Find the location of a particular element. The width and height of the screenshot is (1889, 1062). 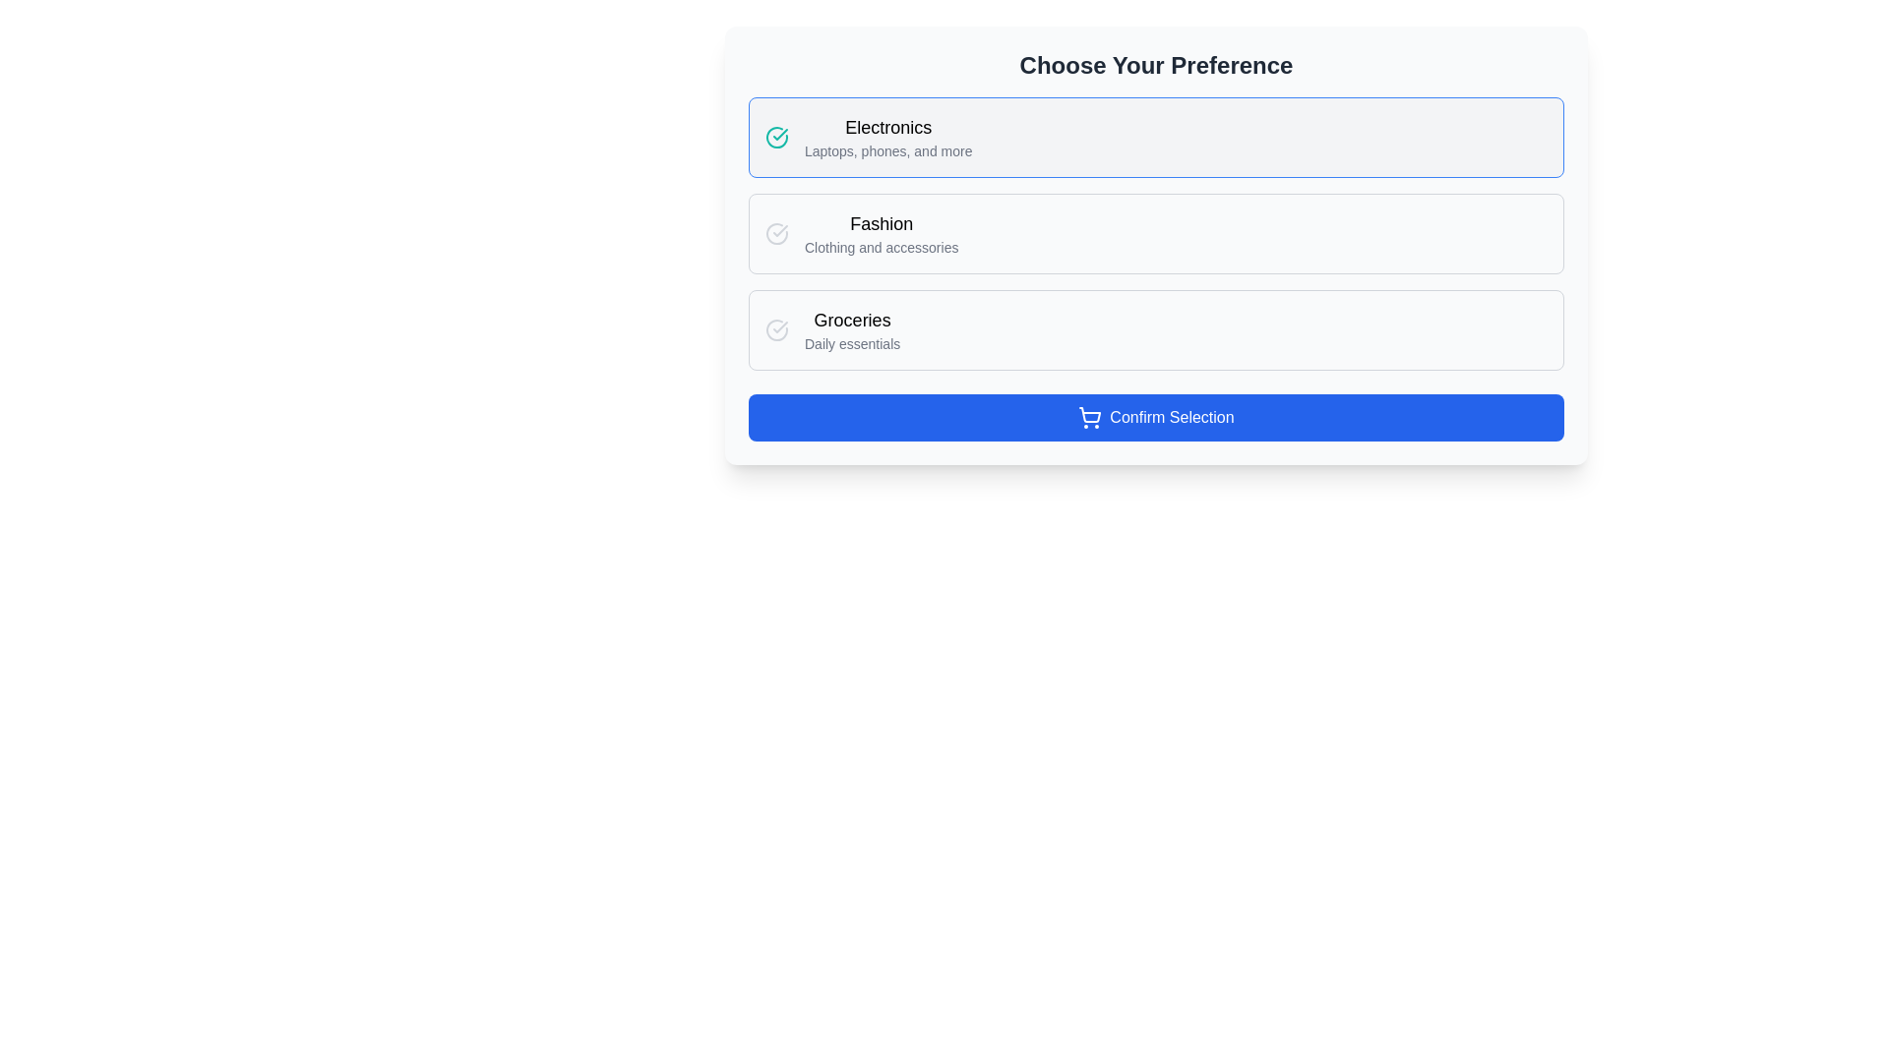

the 'Confirm Selection' button that contains the shopping cart icon, located at the leftmost side before the text 'Confirm Selection' is located at coordinates (1089, 416).